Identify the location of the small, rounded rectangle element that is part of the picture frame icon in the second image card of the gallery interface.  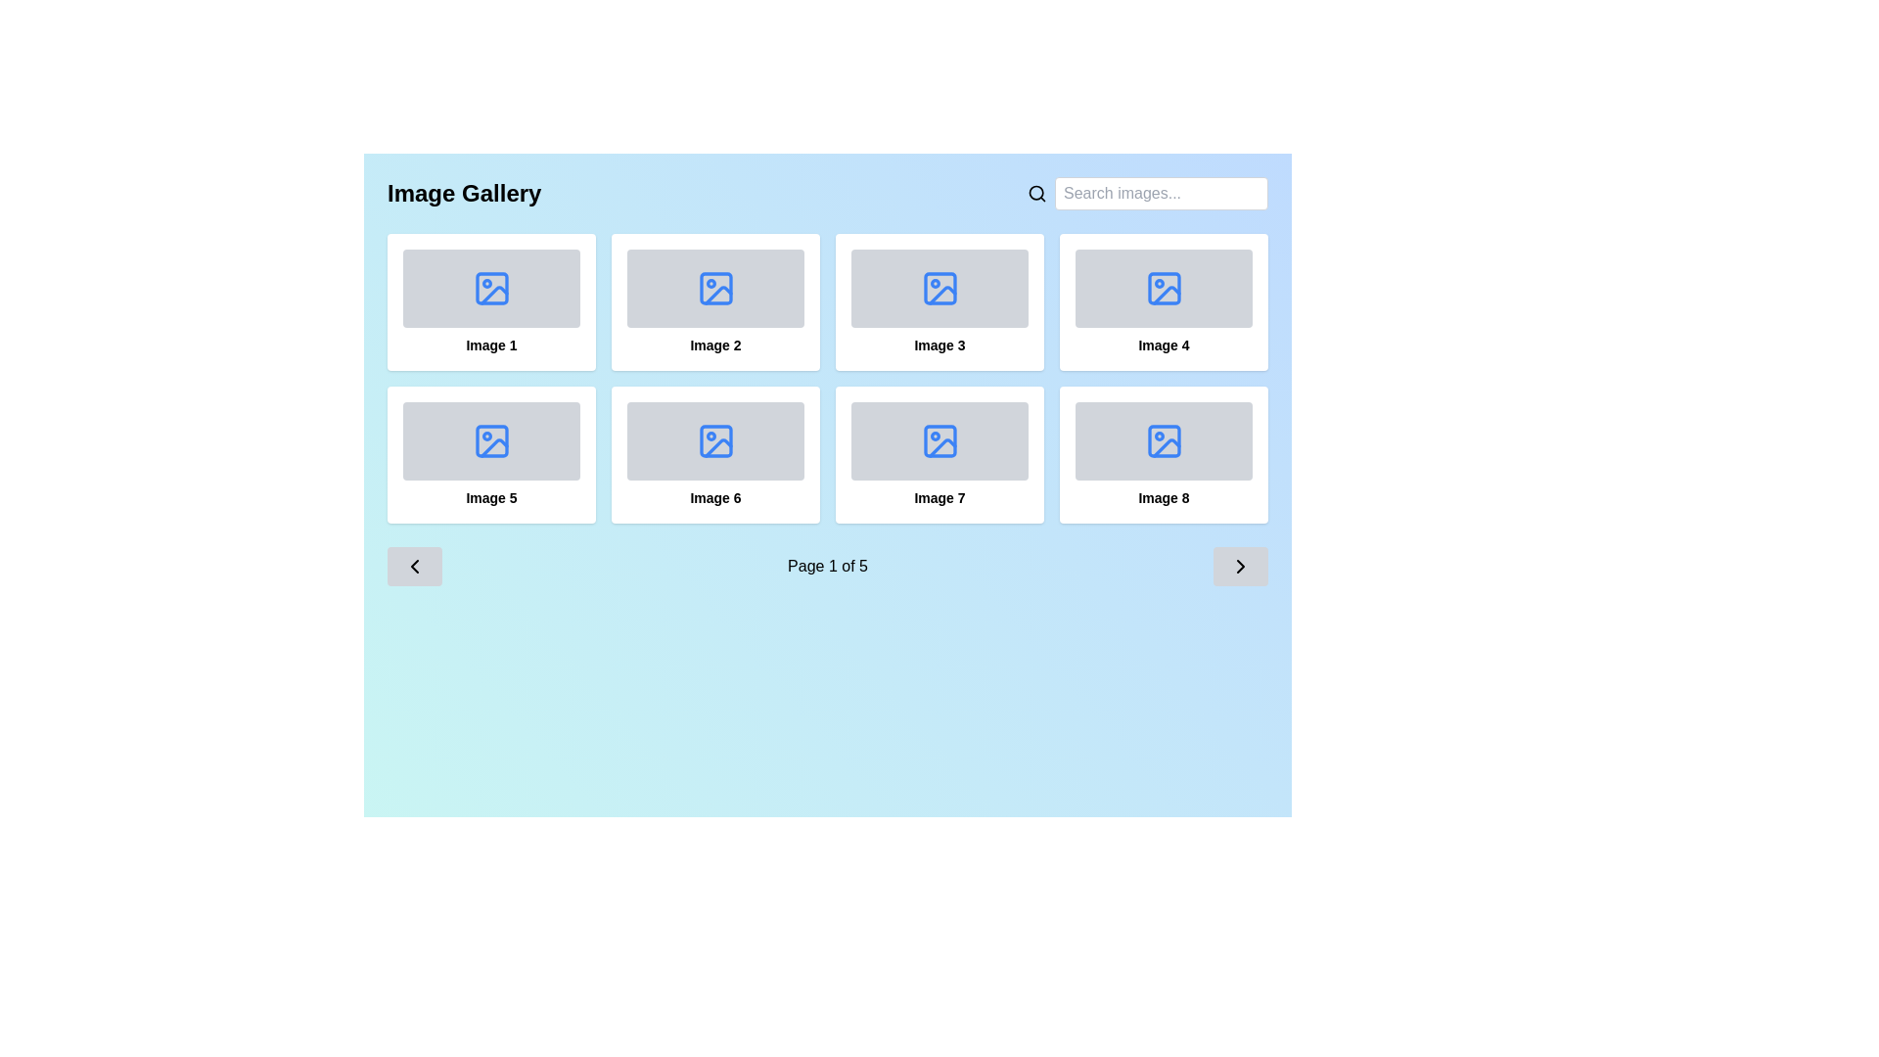
(714, 288).